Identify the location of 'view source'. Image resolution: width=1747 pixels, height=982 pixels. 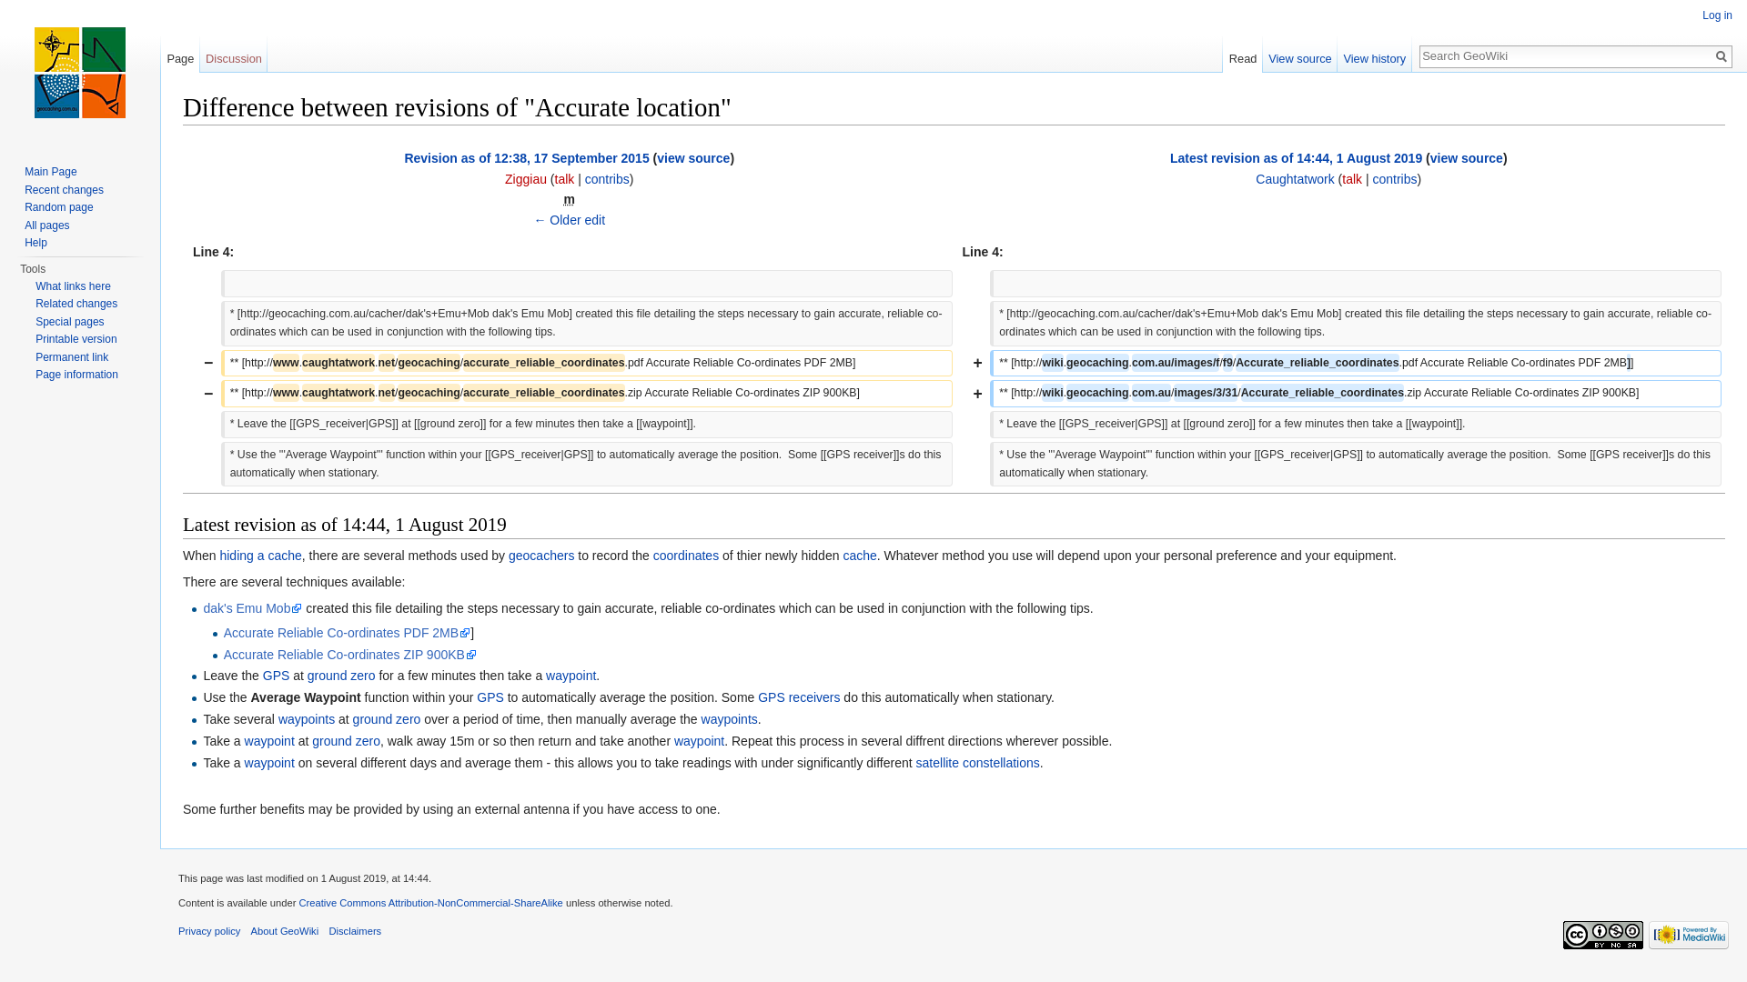
(692, 156).